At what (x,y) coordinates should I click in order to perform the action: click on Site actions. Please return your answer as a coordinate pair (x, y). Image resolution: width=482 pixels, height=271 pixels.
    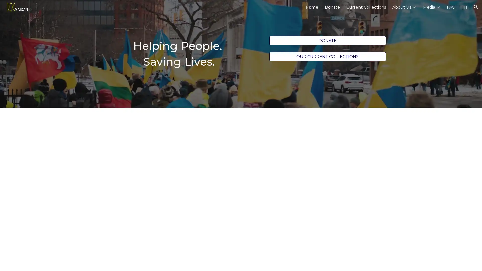
    Looking at the image, I should click on (9, 262).